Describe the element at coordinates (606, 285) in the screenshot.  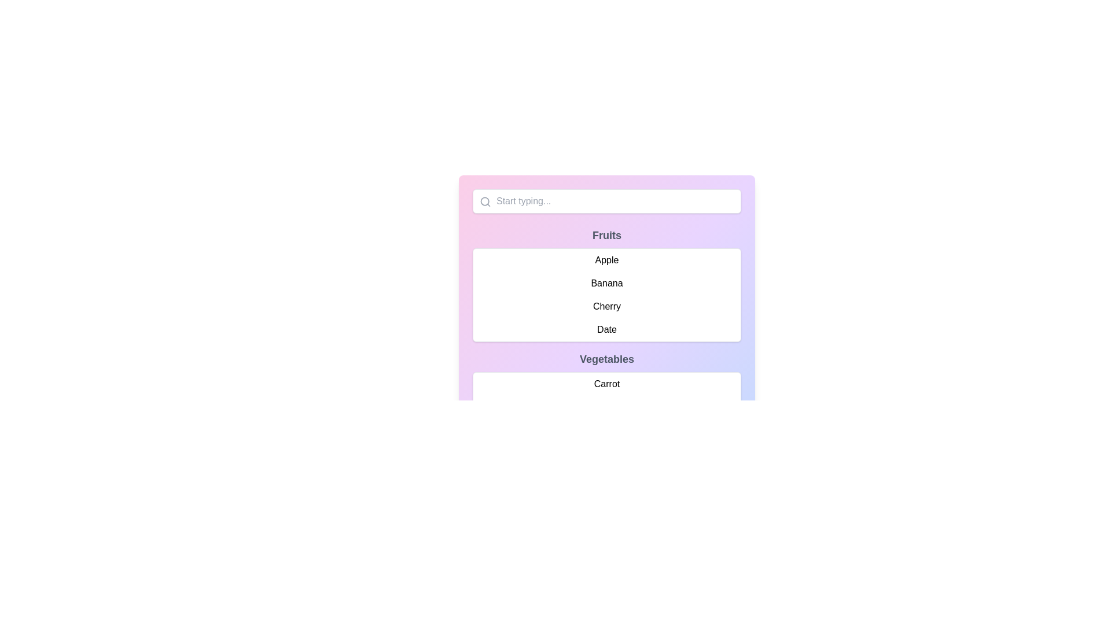
I see `the selectable list item labeled 'Banana' in the dropdown structure, which is the second item in the 'Fruits' category` at that location.